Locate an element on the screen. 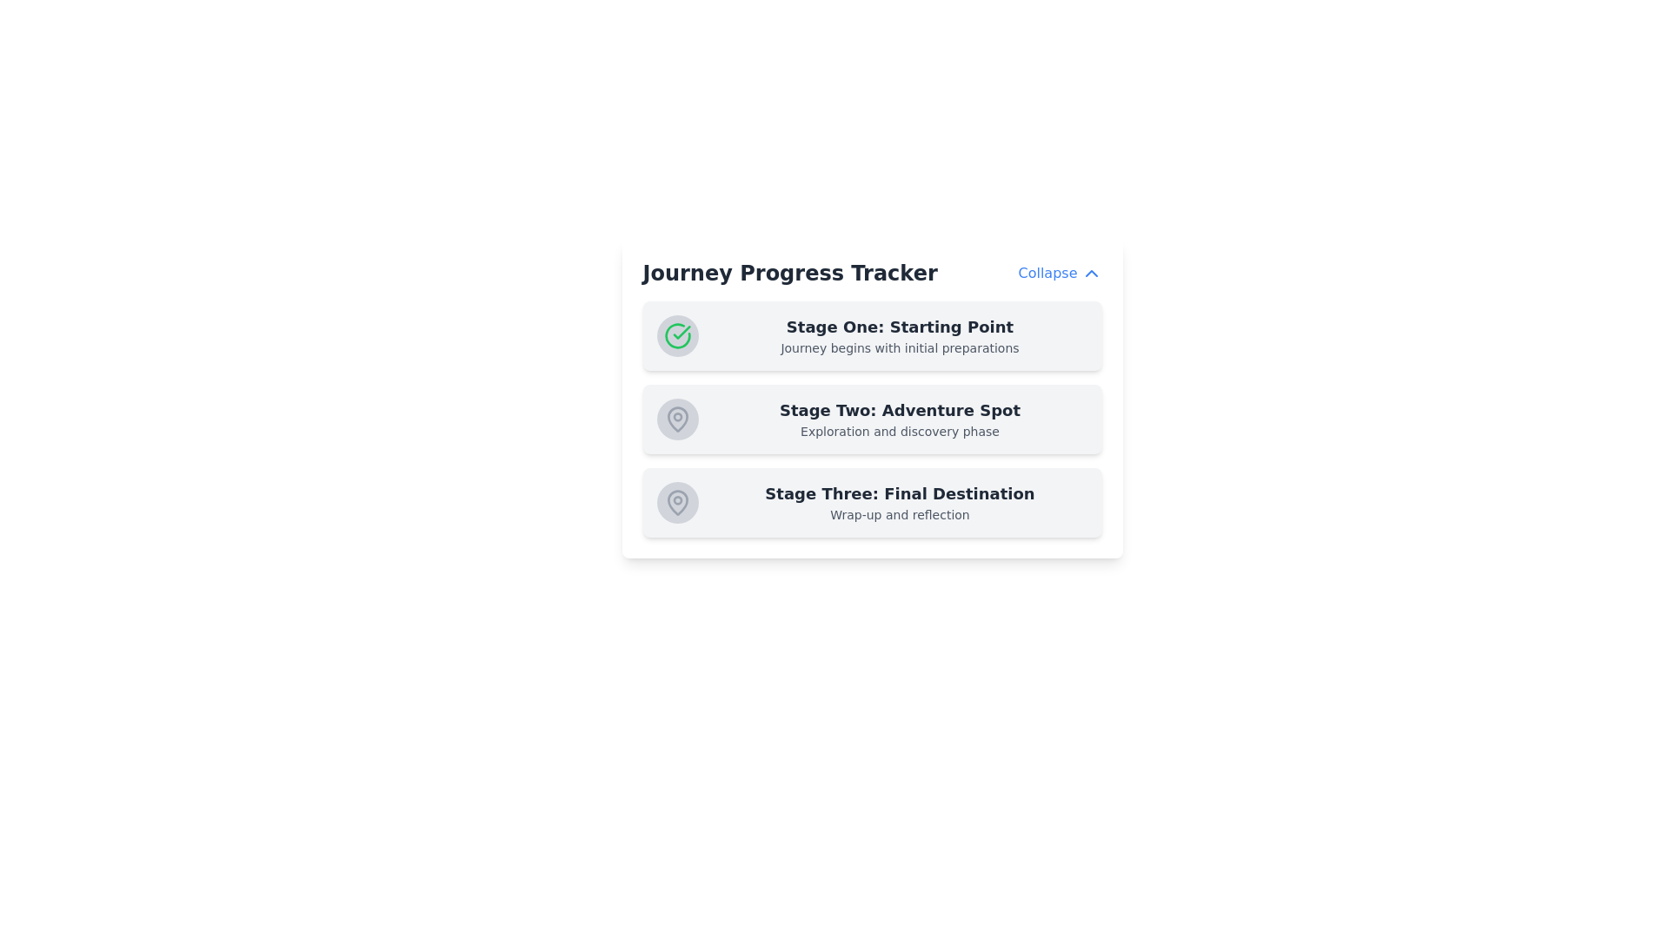 This screenshot has width=1669, height=938. the title of the third stage in the Journey Progress Tracker, which is centered horizontally and aligned to the left of a visual indicator is located at coordinates (900, 494).